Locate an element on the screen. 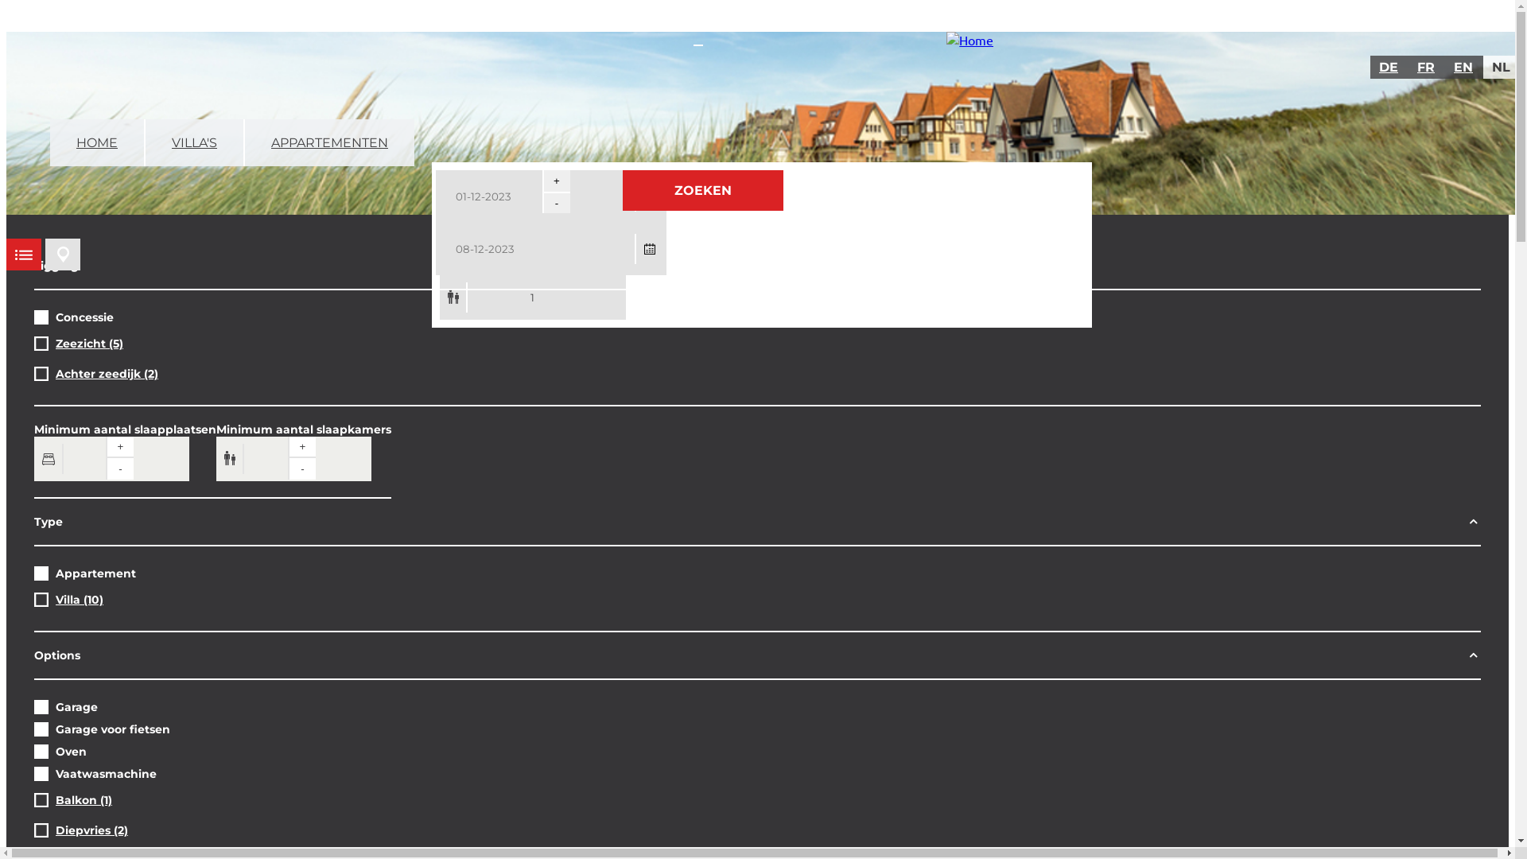 This screenshot has width=1527, height=859. 'VILLA'S' is located at coordinates (145, 142).